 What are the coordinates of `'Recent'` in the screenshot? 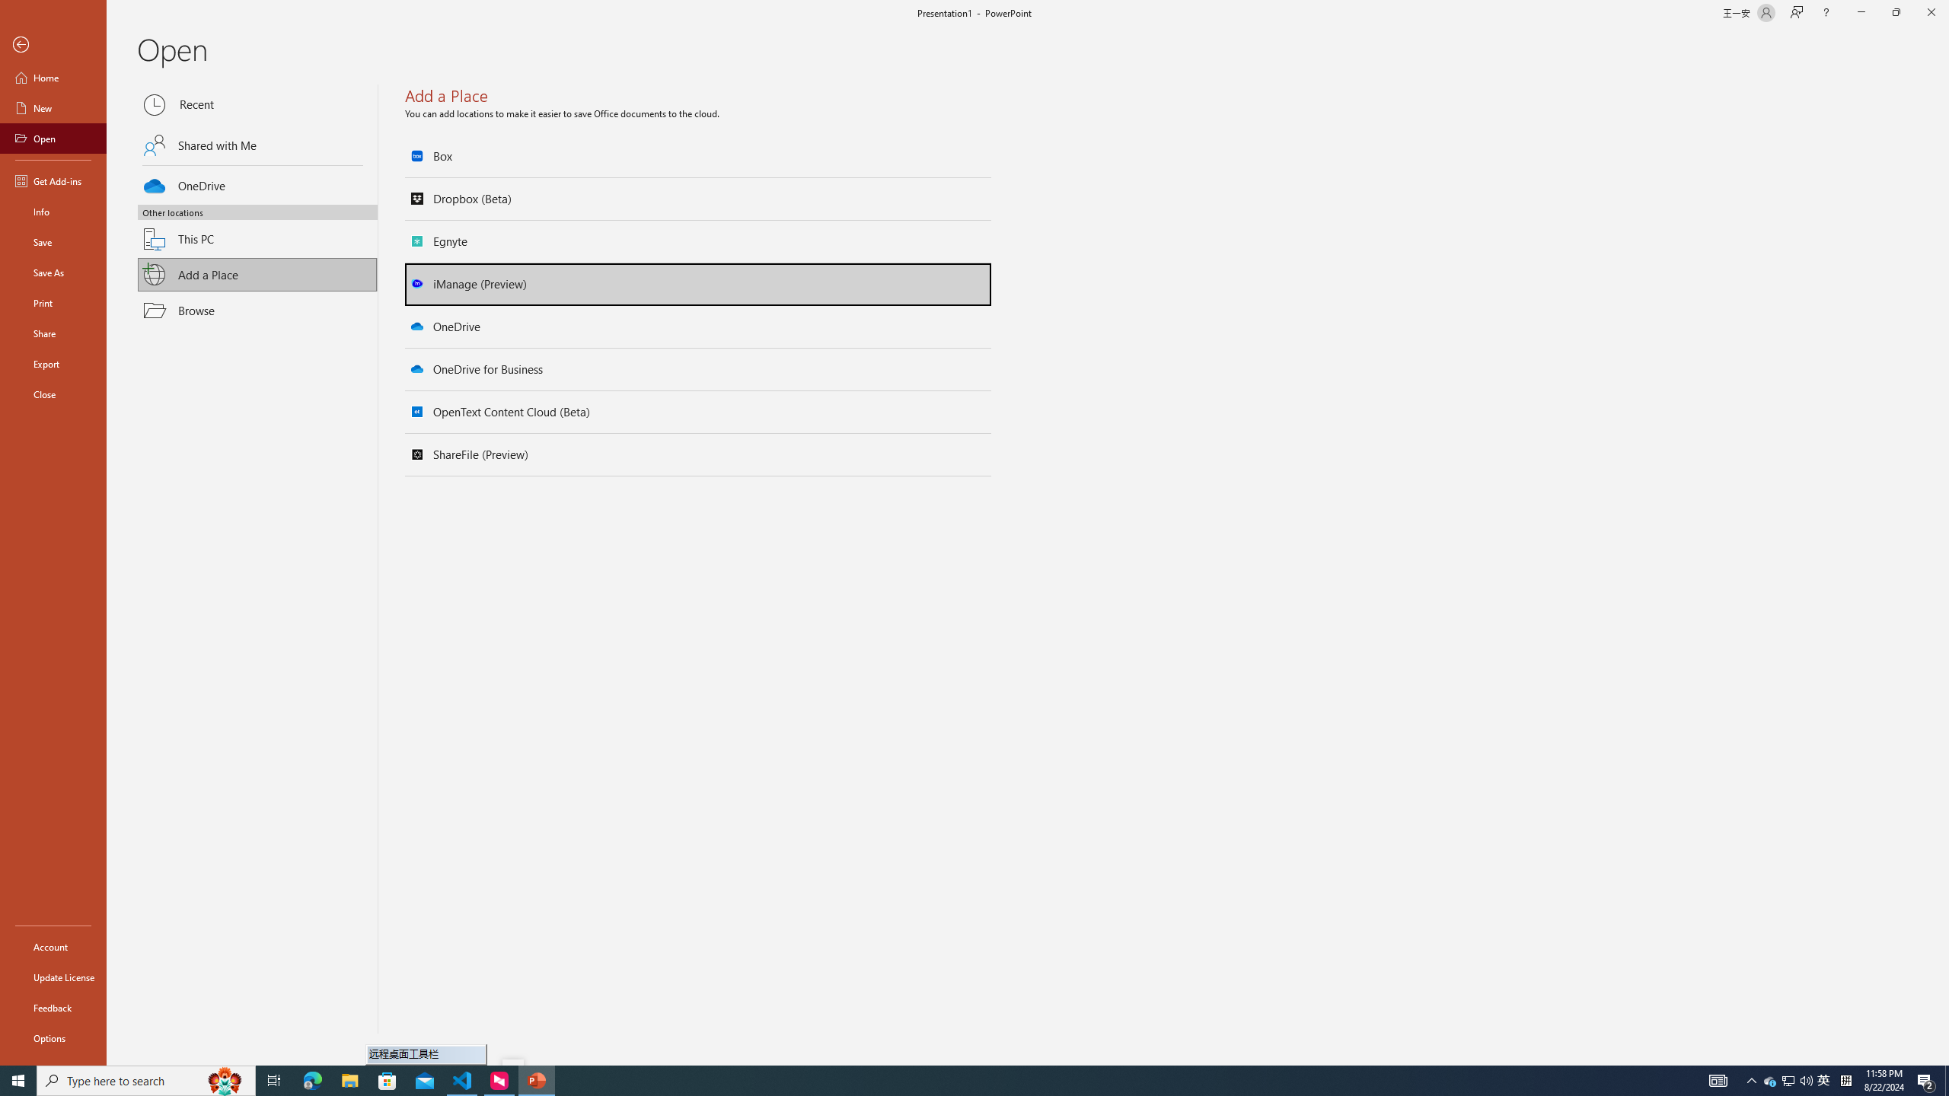 It's located at (257, 104).